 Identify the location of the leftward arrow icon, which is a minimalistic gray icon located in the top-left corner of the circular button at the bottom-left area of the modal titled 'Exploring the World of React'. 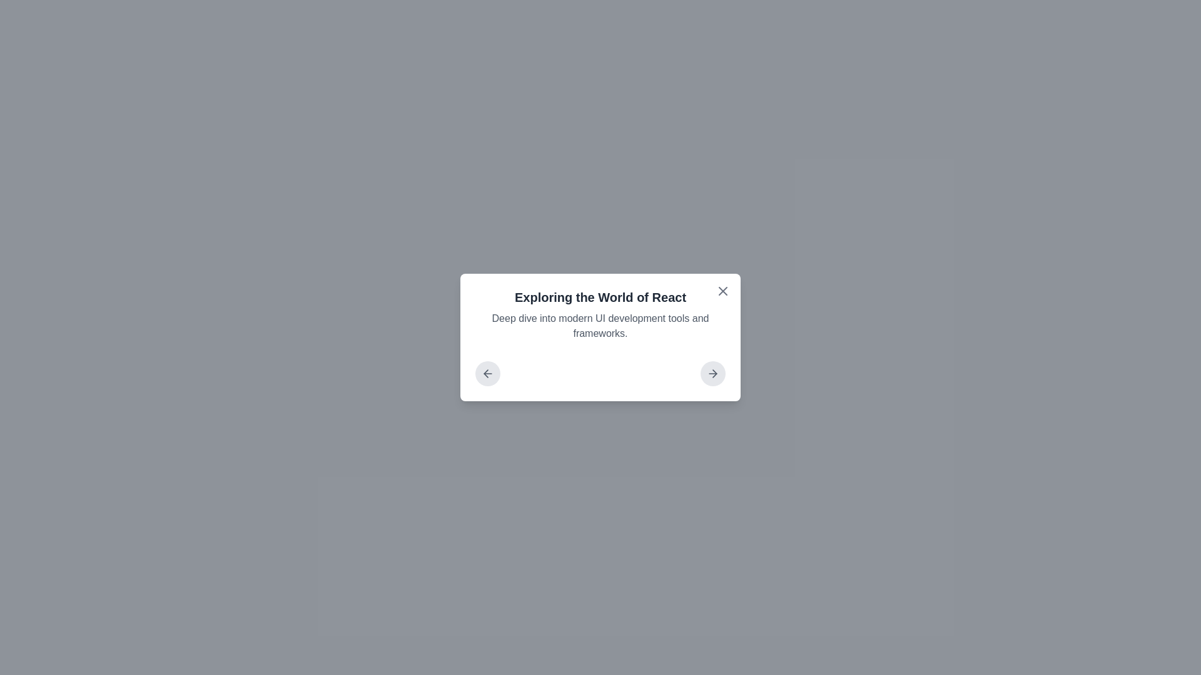
(487, 372).